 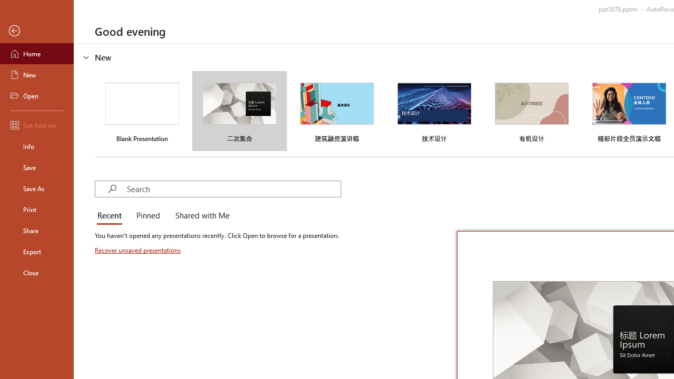 What do you see at coordinates (36, 252) in the screenshot?
I see `'Export'` at bounding box center [36, 252].